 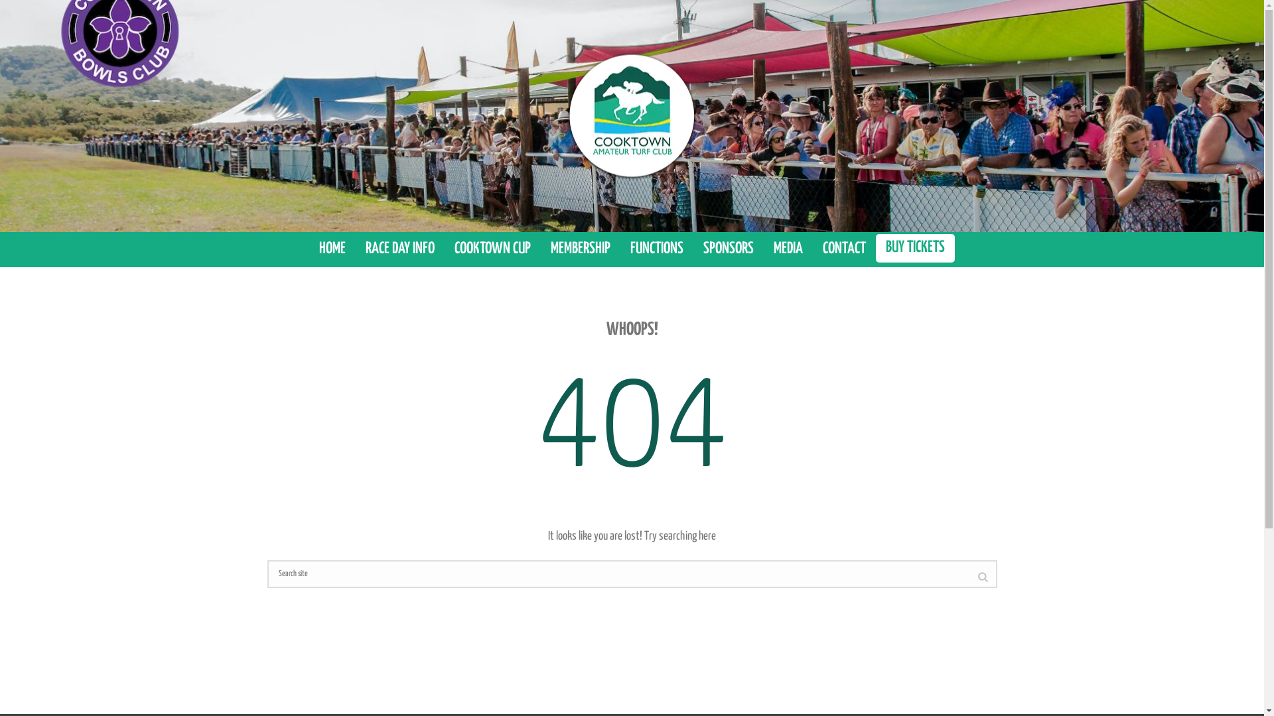 What do you see at coordinates (541, 249) in the screenshot?
I see `'MEMBERSHIP'` at bounding box center [541, 249].